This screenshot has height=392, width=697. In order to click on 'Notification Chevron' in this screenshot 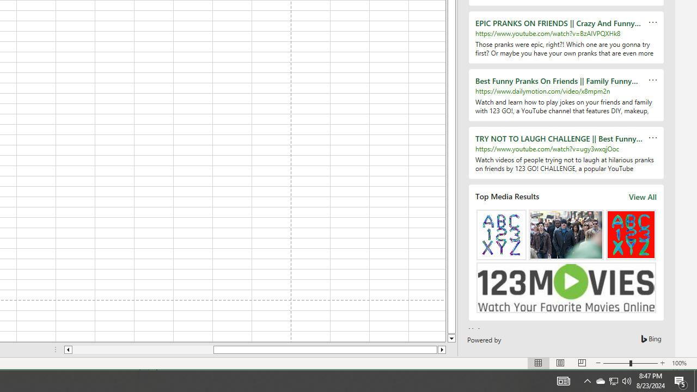, I will do `click(600, 380)`.